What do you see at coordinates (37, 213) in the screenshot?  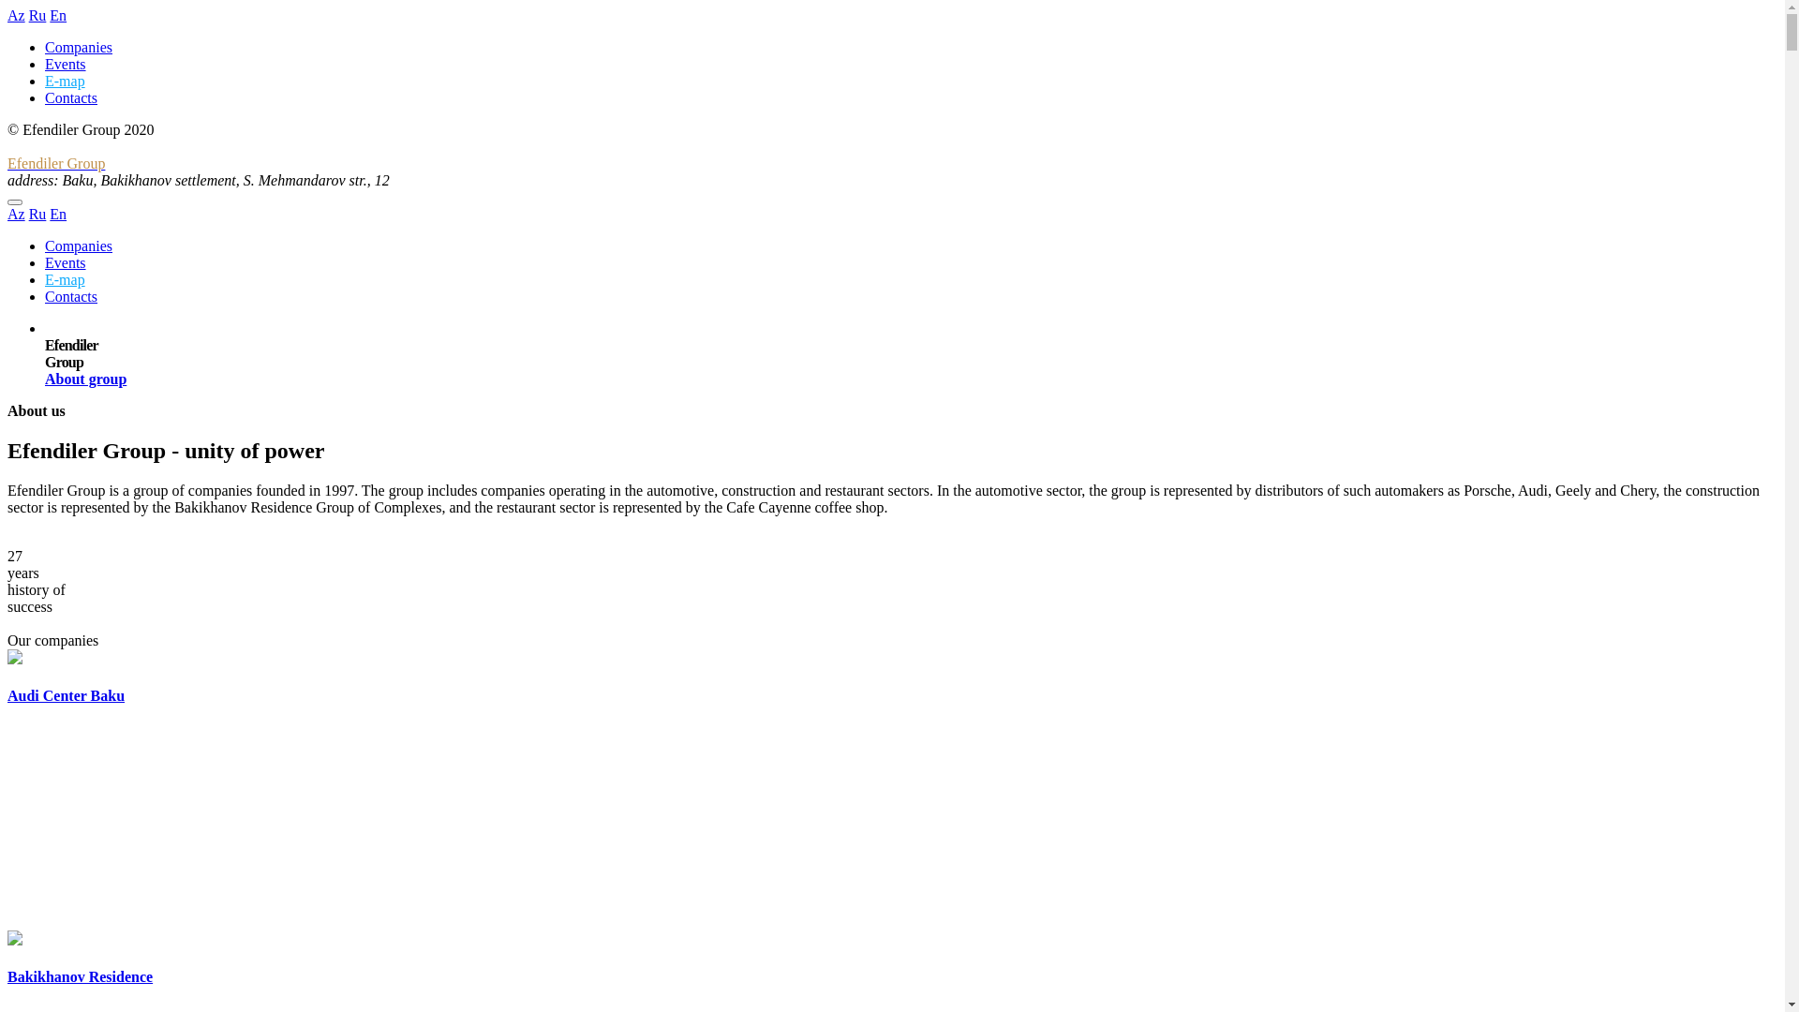 I see `'Ru'` at bounding box center [37, 213].